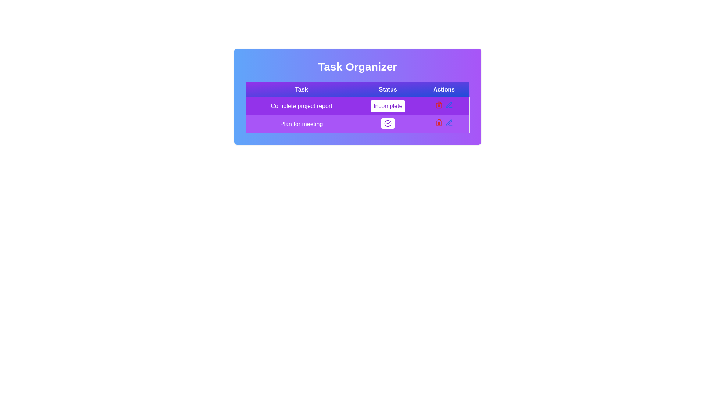 Image resolution: width=706 pixels, height=397 pixels. What do you see at coordinates (388, 106) in the screenshot?
I see `the button labeled 'Incomplete' with a white background and purple text` at bounding box center [388, 106].